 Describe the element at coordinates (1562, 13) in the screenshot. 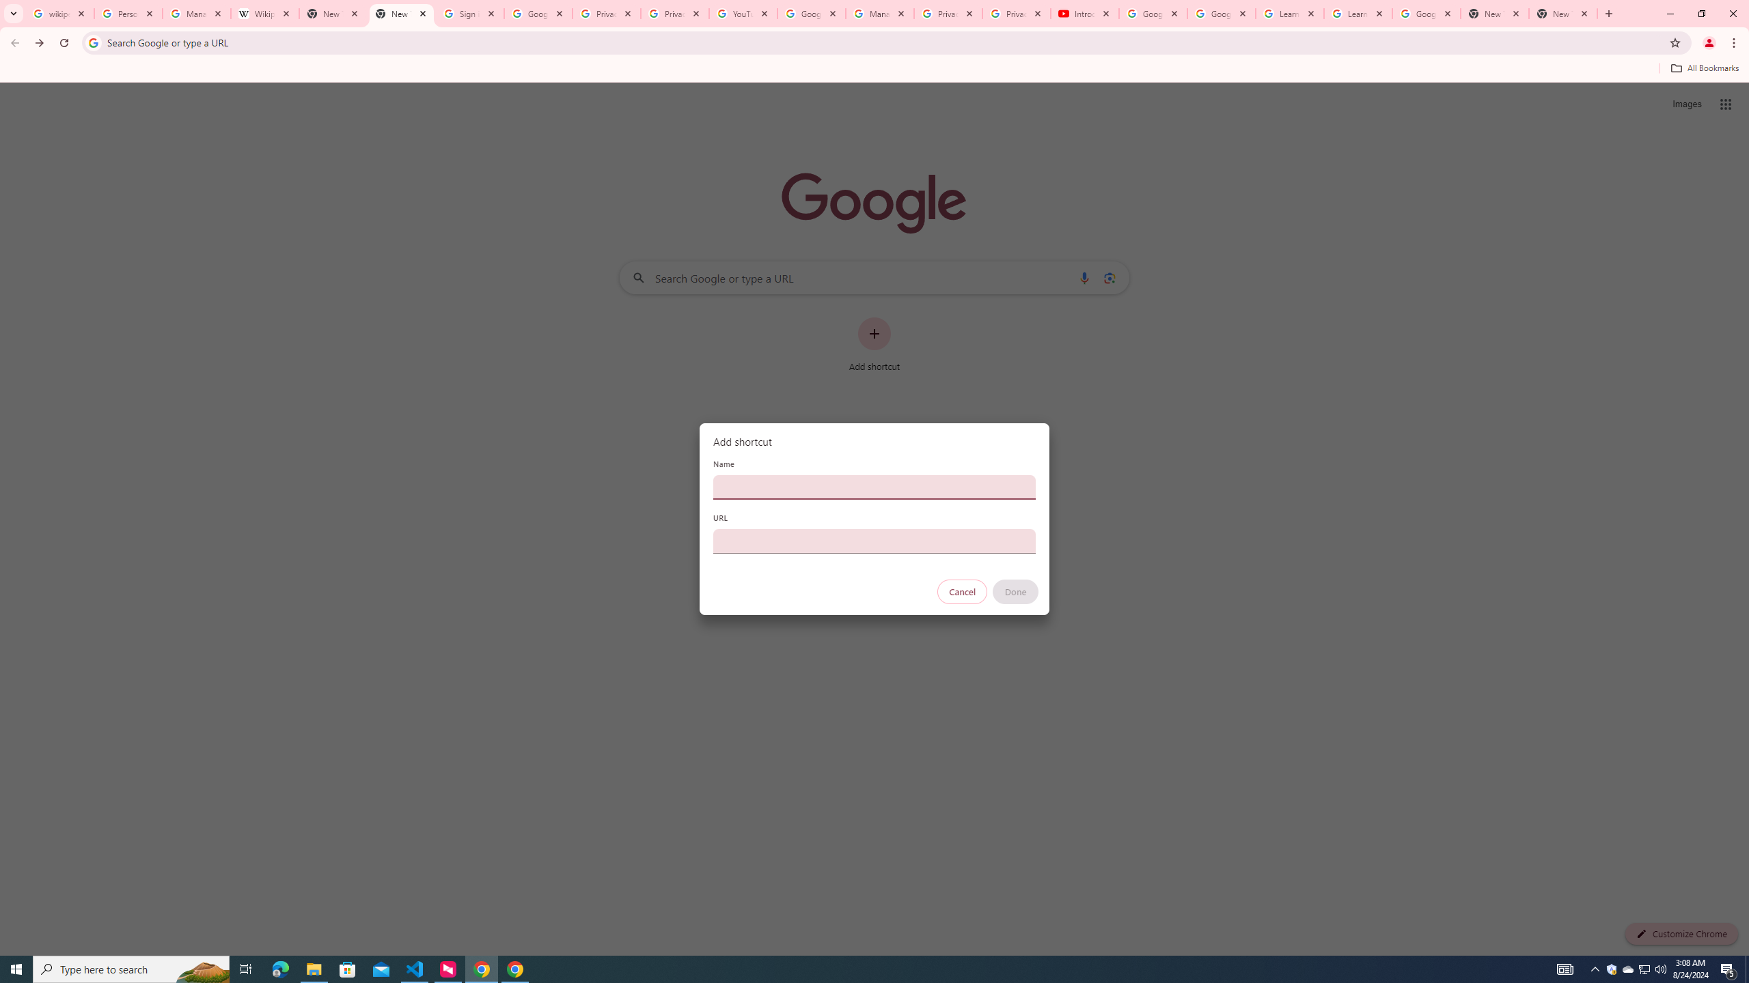

I see `'New Tab'` at that location.